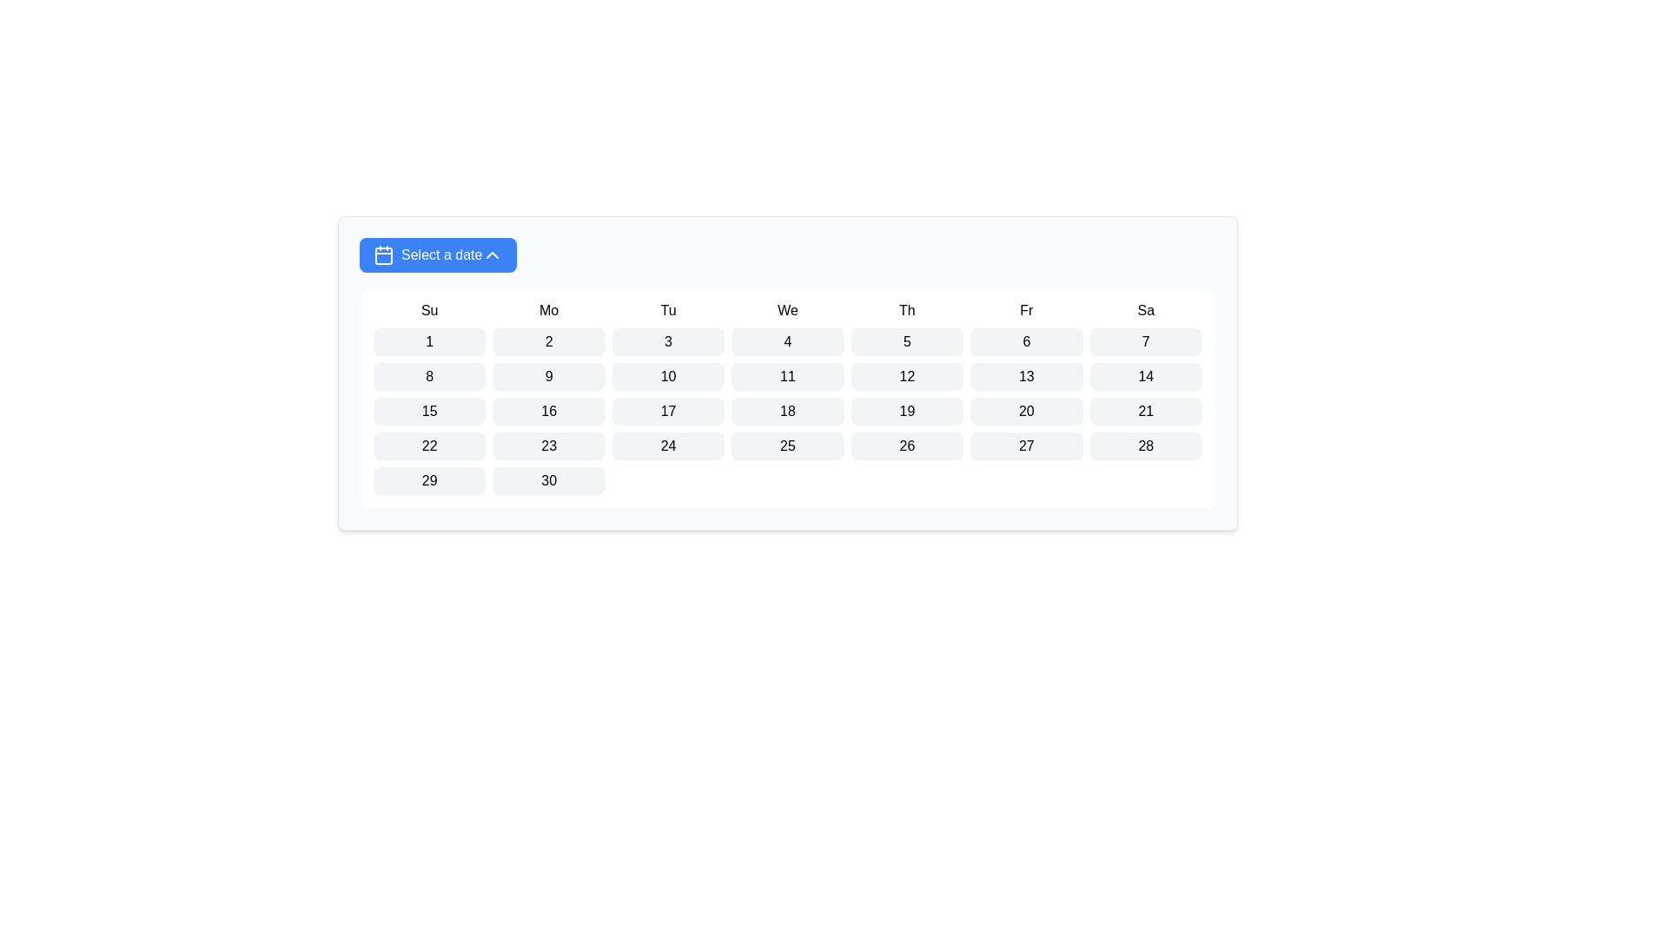  What do you see at coordinates (787, 376) in the screenshot?
I see `the button representing the 11th day in the calendar grid` at bounding box center [787, 376].